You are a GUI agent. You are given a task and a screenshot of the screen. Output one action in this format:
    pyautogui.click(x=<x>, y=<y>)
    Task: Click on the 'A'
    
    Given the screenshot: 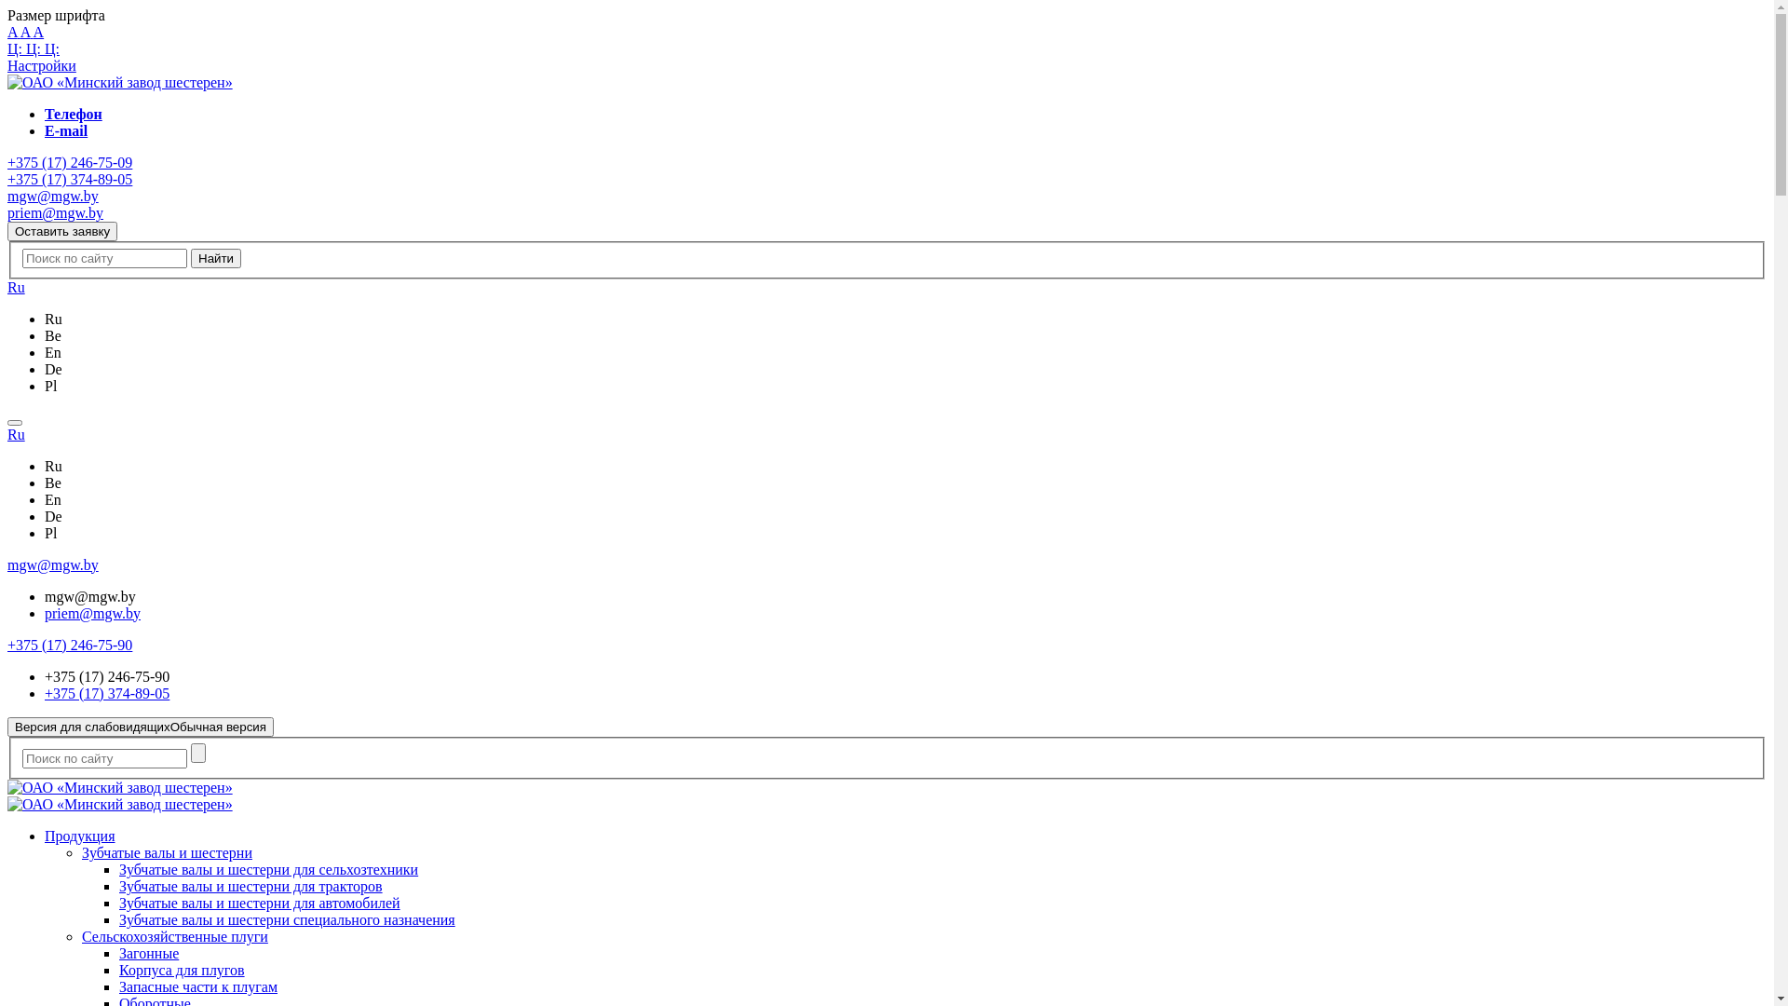 What is the action you would take?
    pyautogui.click(x=33, y=32)
    